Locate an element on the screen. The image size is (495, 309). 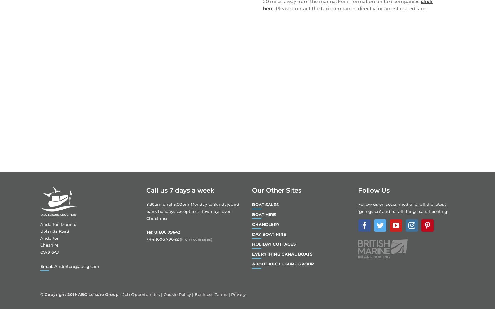
'Cookie Policy' is located at coordinates (177, 294).